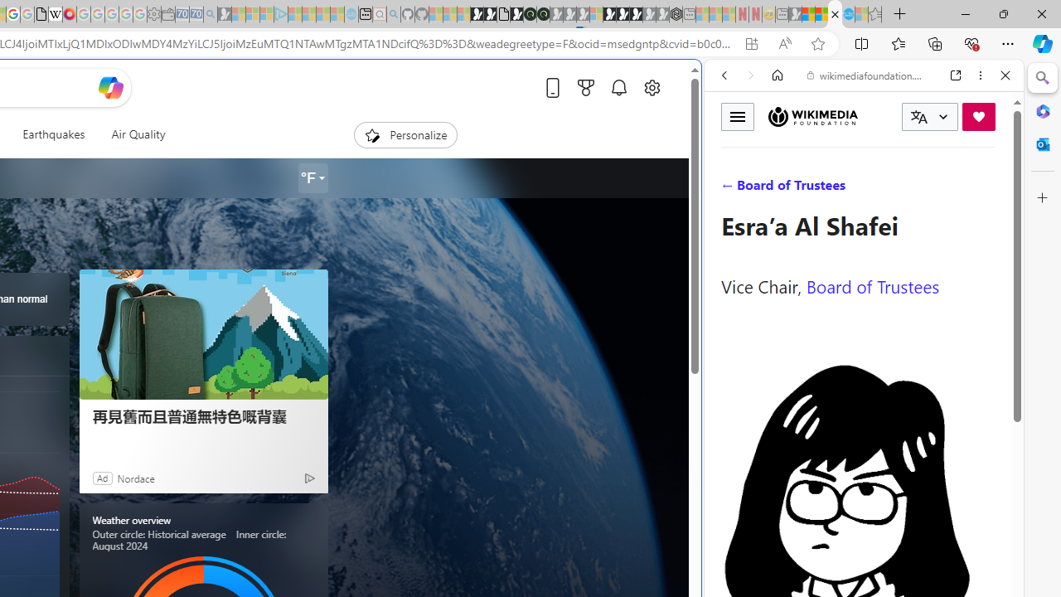  I want to click on 'Donate now', so click(978, 115).